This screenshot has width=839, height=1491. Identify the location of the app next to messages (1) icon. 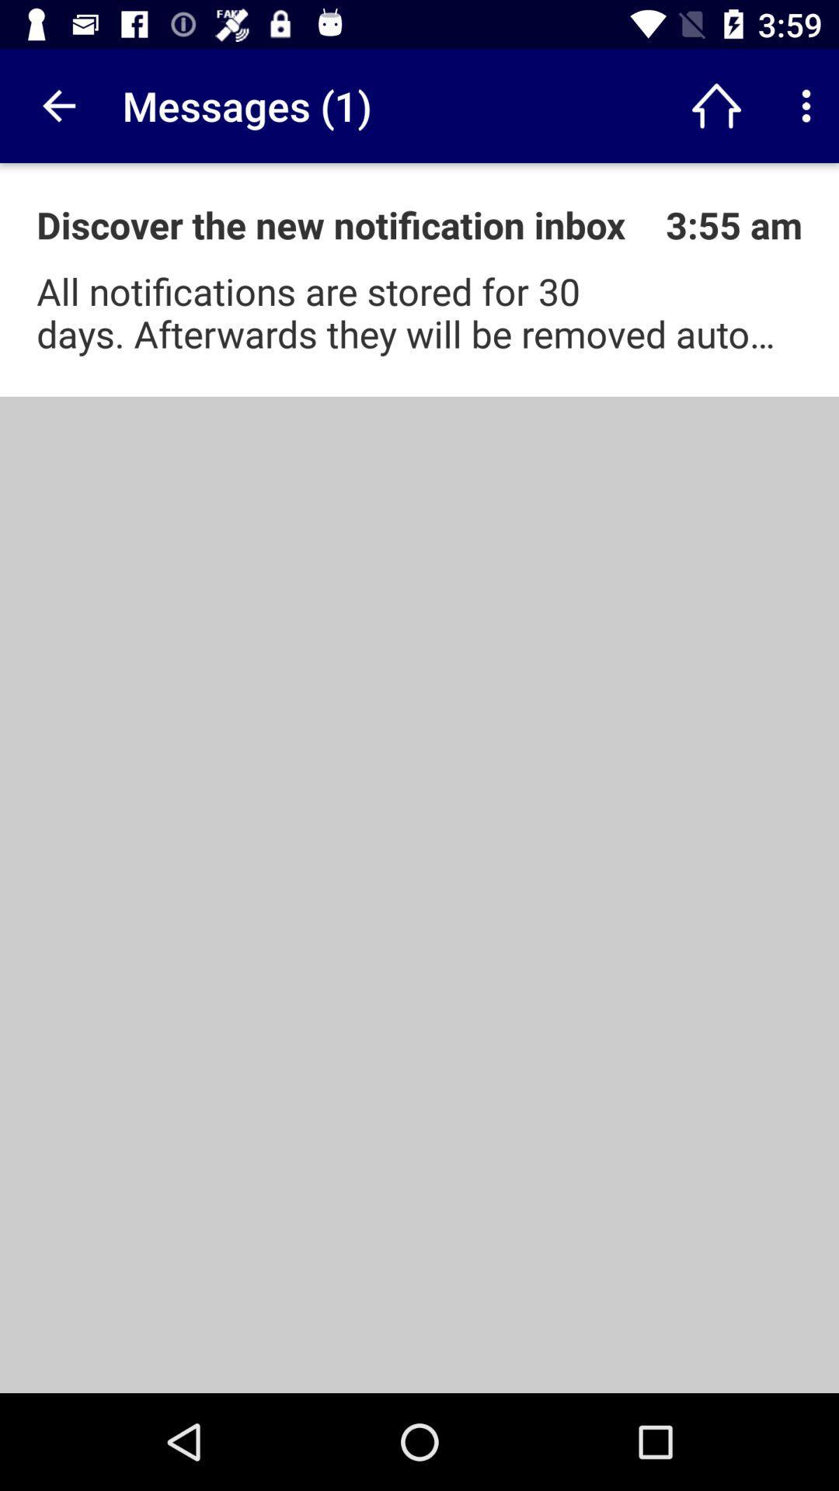
(716, 105).